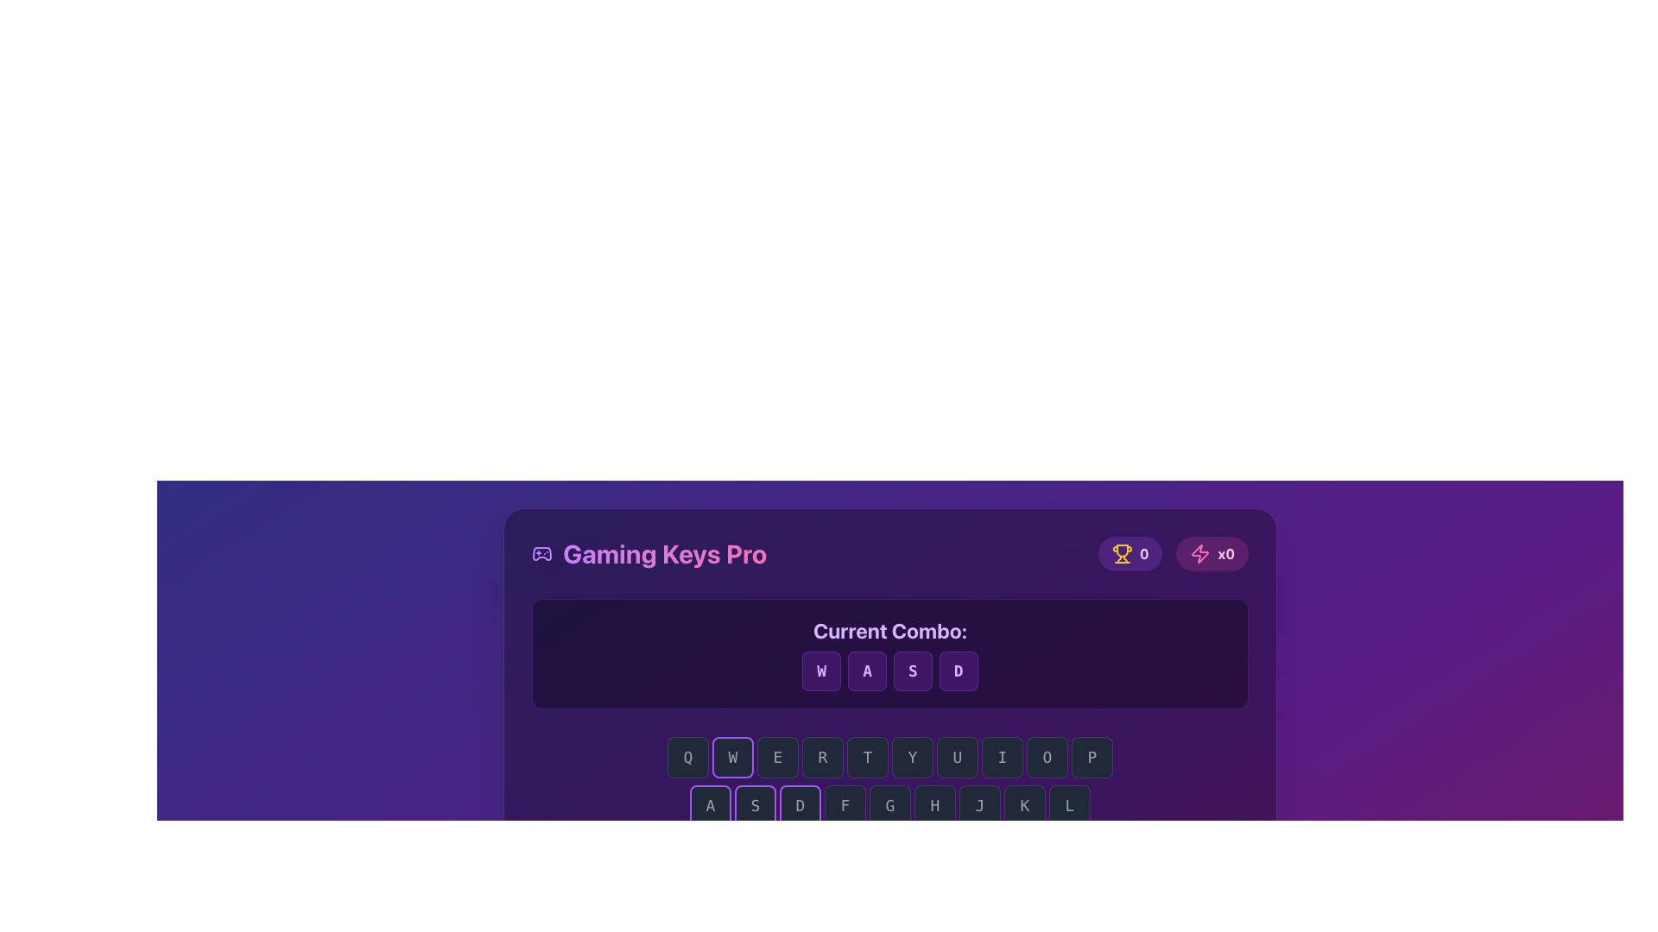 This screenshot has height=932, width=1658. What do you see at coordinates (1144, 553) in the screenshot?
I see `the text label displaying the number '0', which is bold and purple, located to the right of a yellow trophy icon within a purple pill-shaped button in the top-right corner of the main content area` at bounding box center [1144, 553].